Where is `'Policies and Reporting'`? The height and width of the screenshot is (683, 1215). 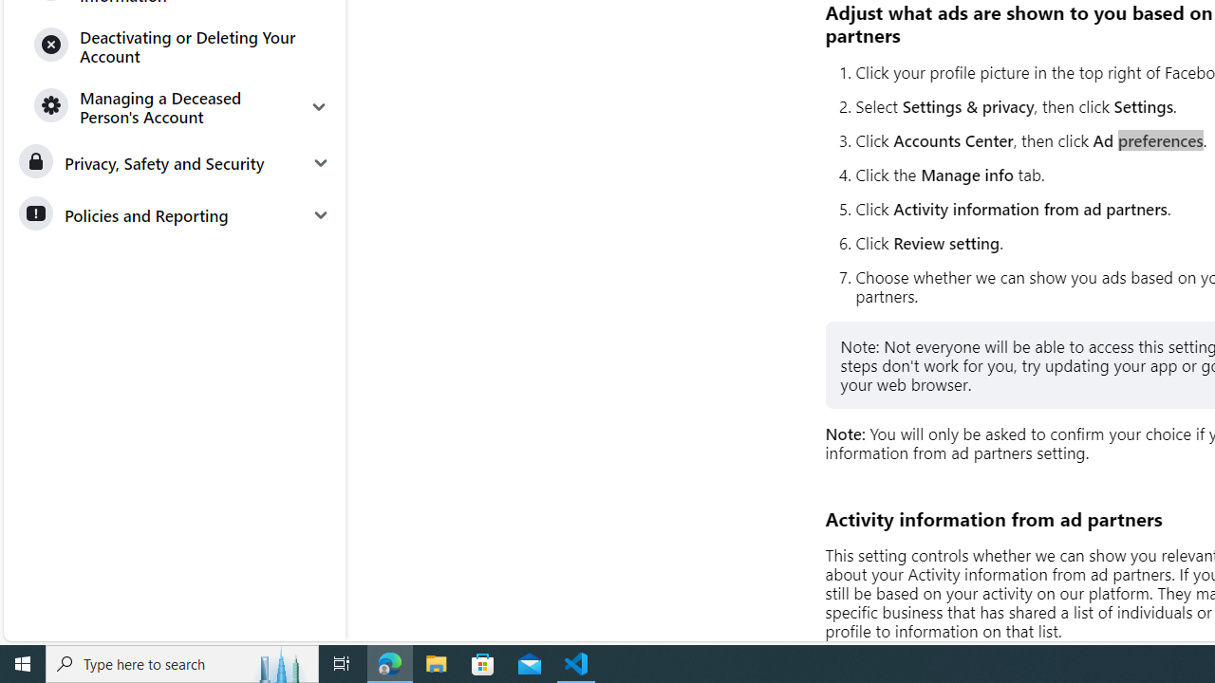 'Policies and Reporting' is located at coordinates (174, 213).